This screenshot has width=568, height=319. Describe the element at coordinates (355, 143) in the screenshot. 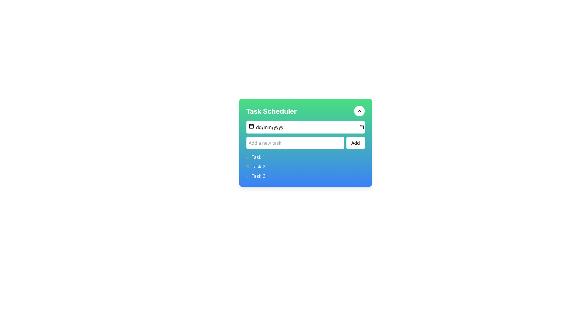

I see `the 'Add' button, which features a white background and black text, to observe any hover effects` at that location.